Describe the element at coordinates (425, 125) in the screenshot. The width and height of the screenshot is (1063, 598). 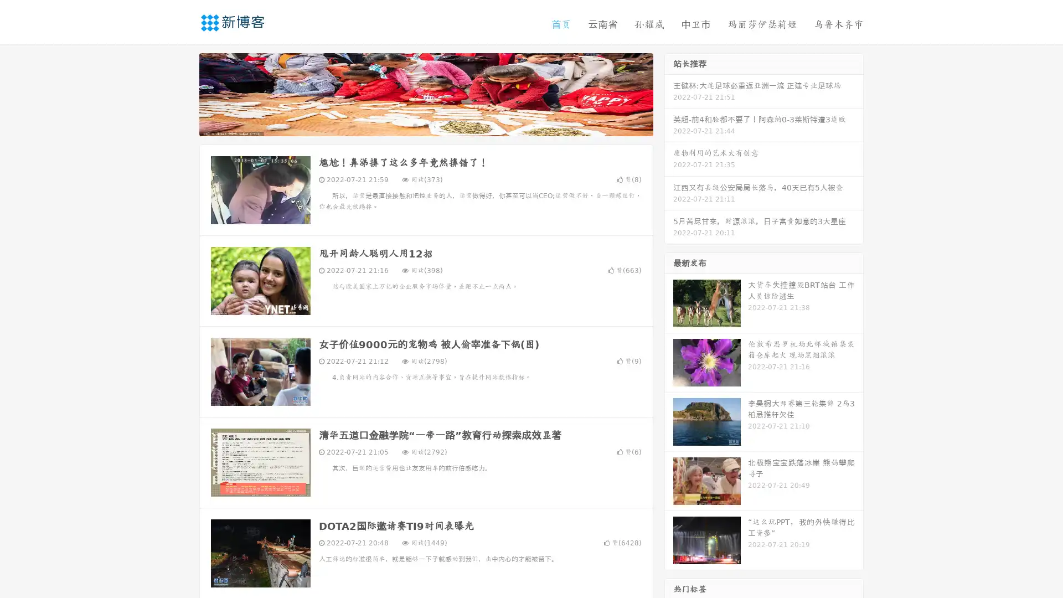
I see `Go to slide 2` at that location.